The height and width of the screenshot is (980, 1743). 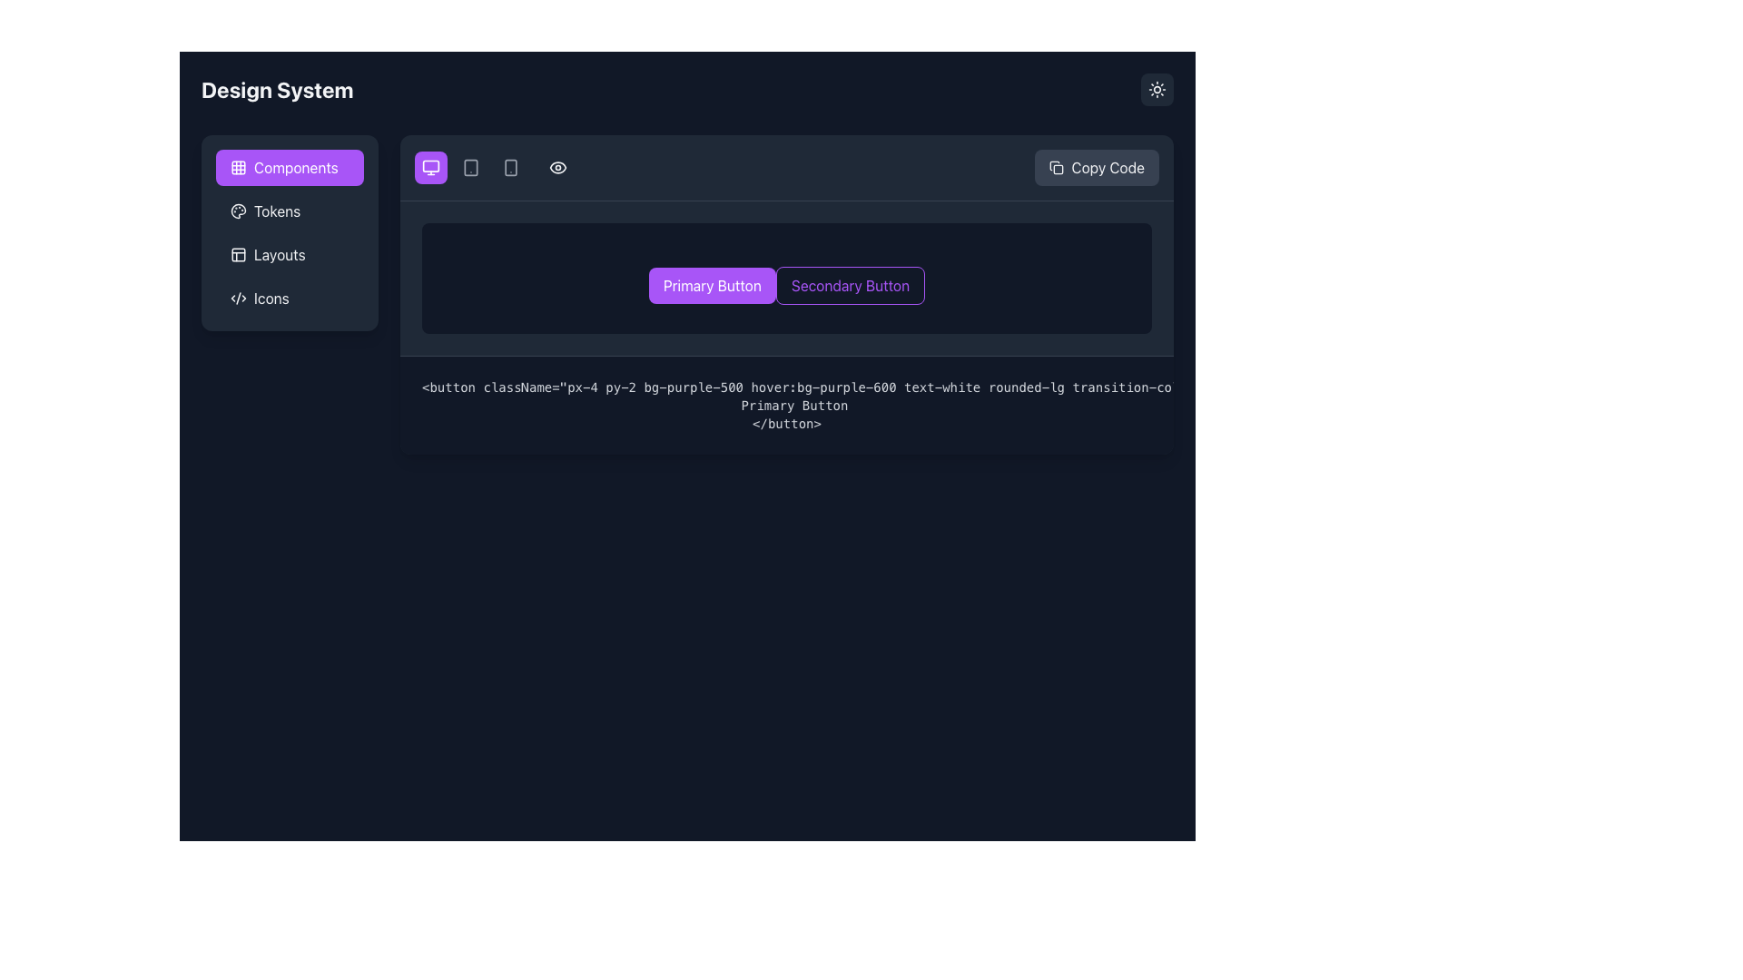 I want to click on the 'Secondary Button' located to the right of the 'Primary Button' under the 'Copy Code' header, so click(x=787, y=279).